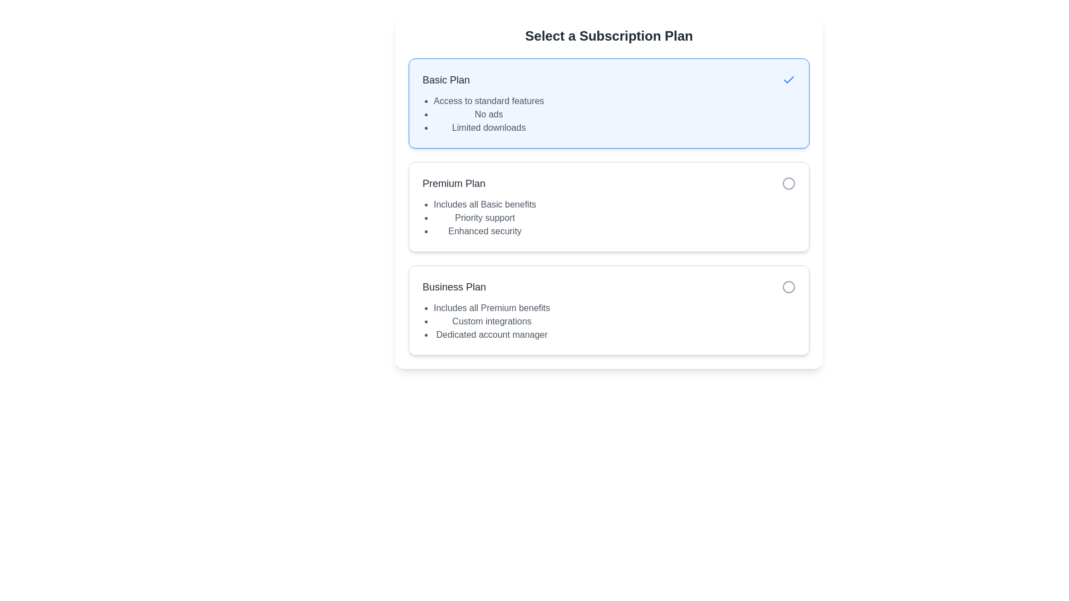  I want to click on the 'Business Plan' subscription option, so click(609, 311).